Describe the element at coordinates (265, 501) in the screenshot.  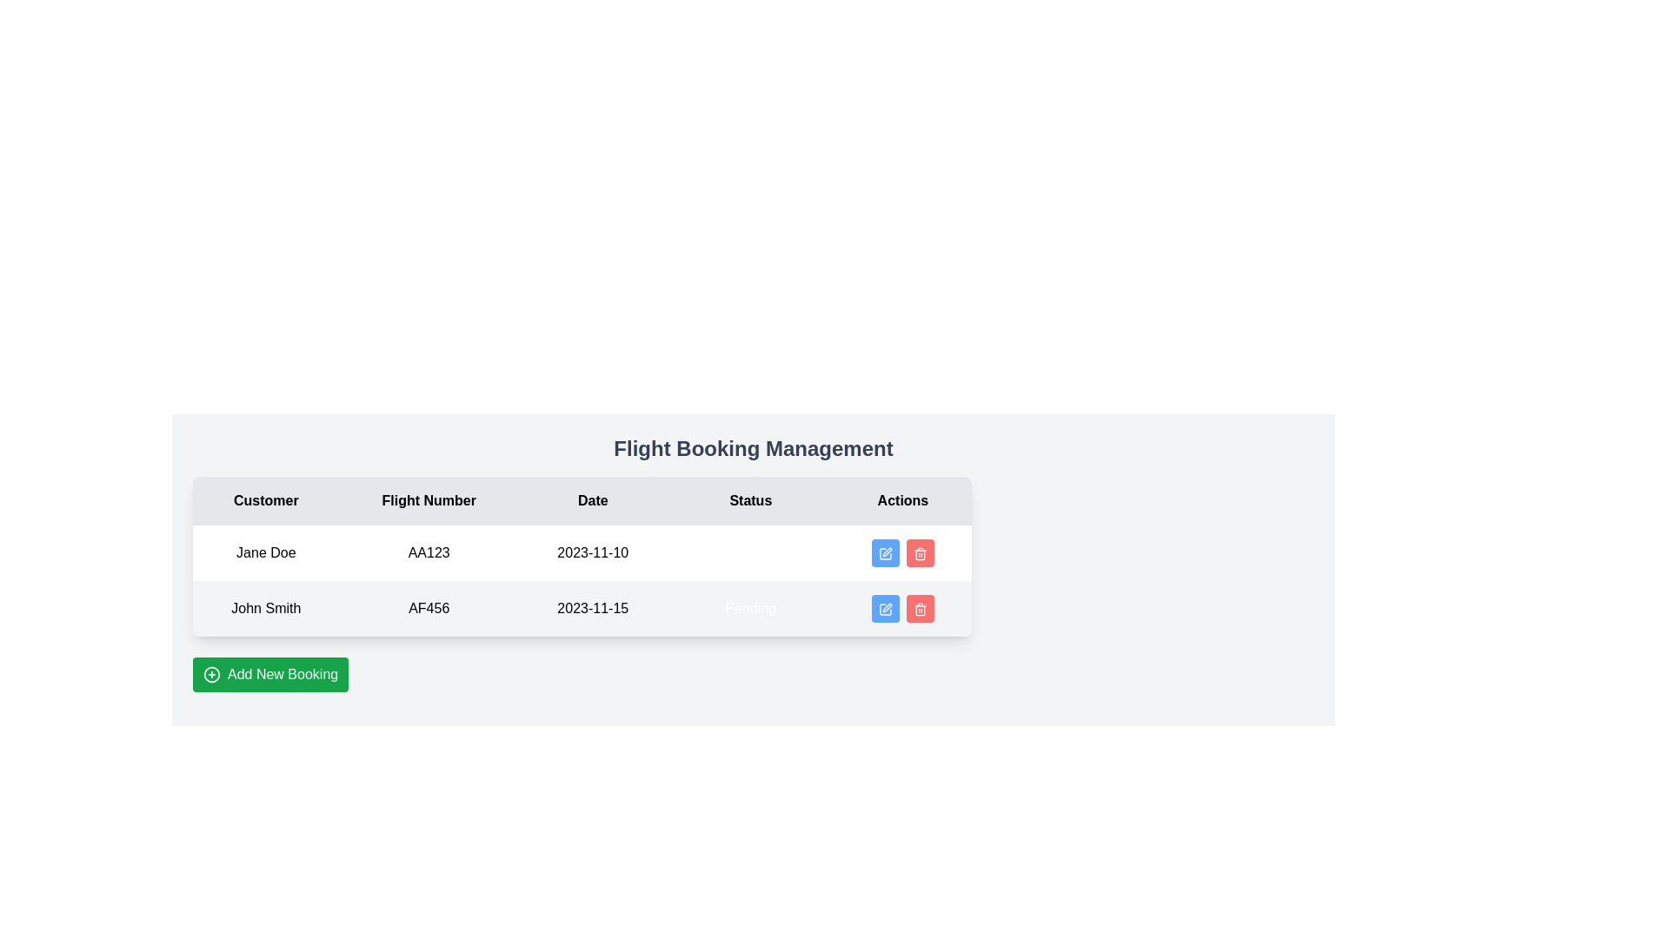
I see `header label indicating customer information, located at the leftmost position in the table layout` at that location.